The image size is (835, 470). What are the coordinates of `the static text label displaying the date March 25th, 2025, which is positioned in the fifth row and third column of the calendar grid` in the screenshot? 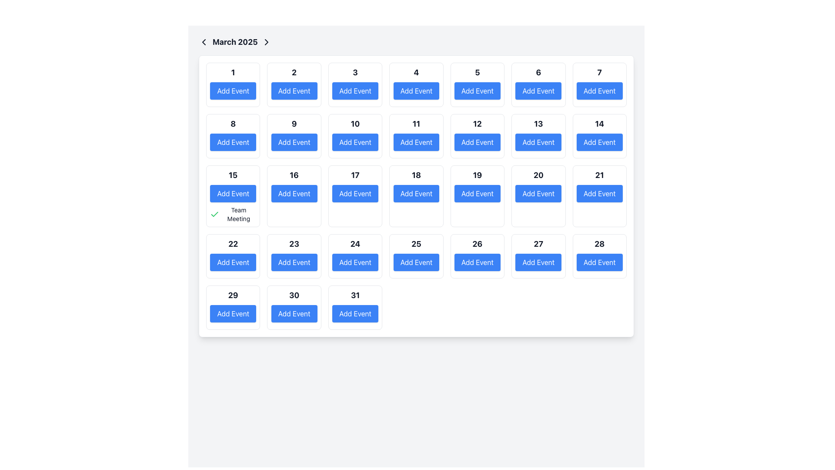 It's located at (416, 244).